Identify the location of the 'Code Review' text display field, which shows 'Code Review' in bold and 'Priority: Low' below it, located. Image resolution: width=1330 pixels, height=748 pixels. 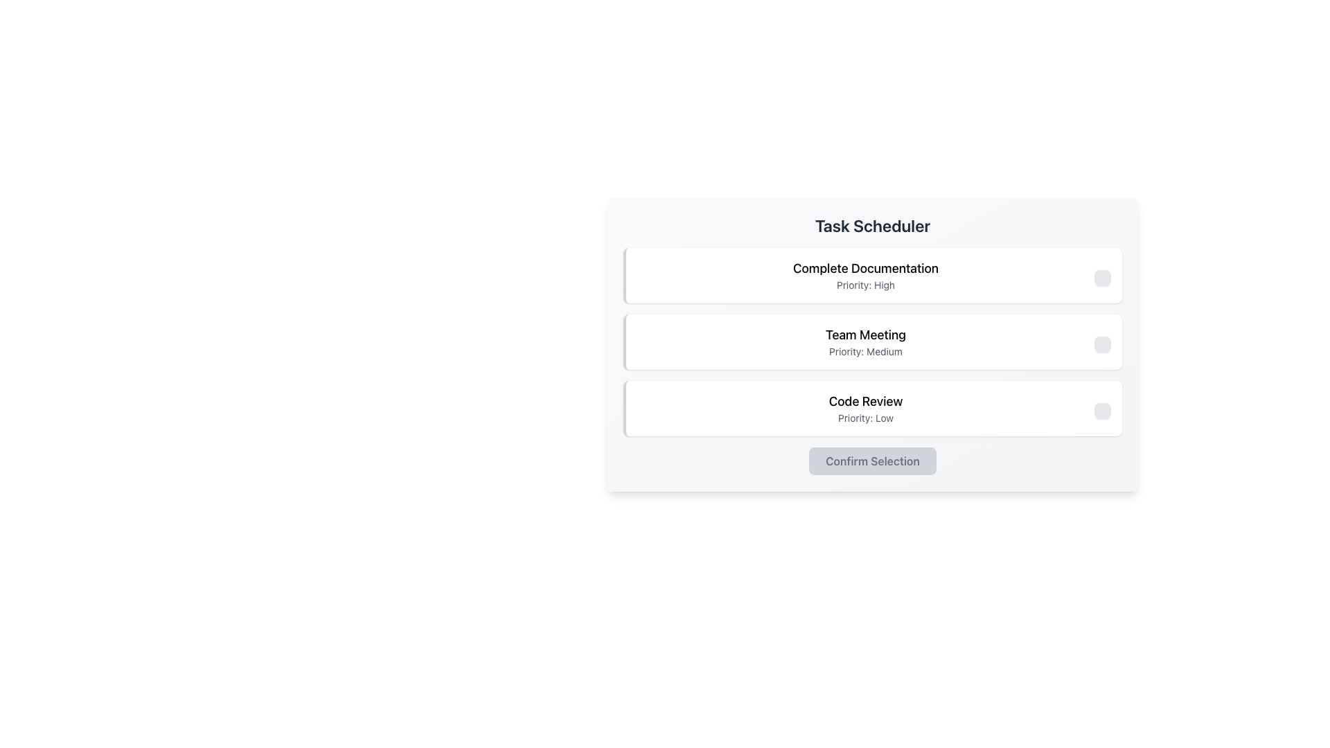
(864, 408).